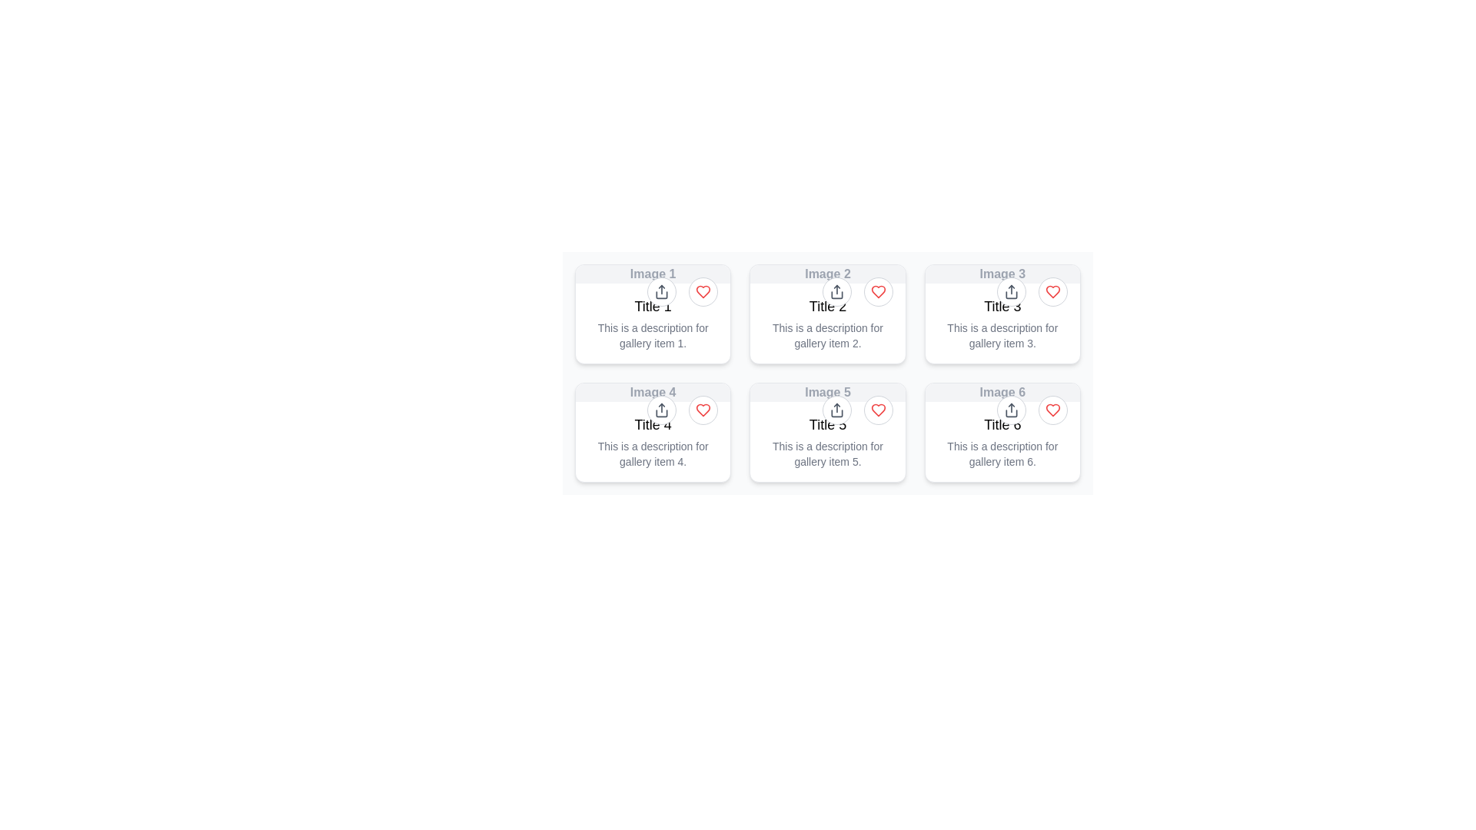  Describe the element at coordinates (653, 424) in the screenshot. I see `the Text label that serves as a title for the gallery item in the second row of a 3x2 grid layout, located above the description 'This is a description for gallery item 4.'` at that location.